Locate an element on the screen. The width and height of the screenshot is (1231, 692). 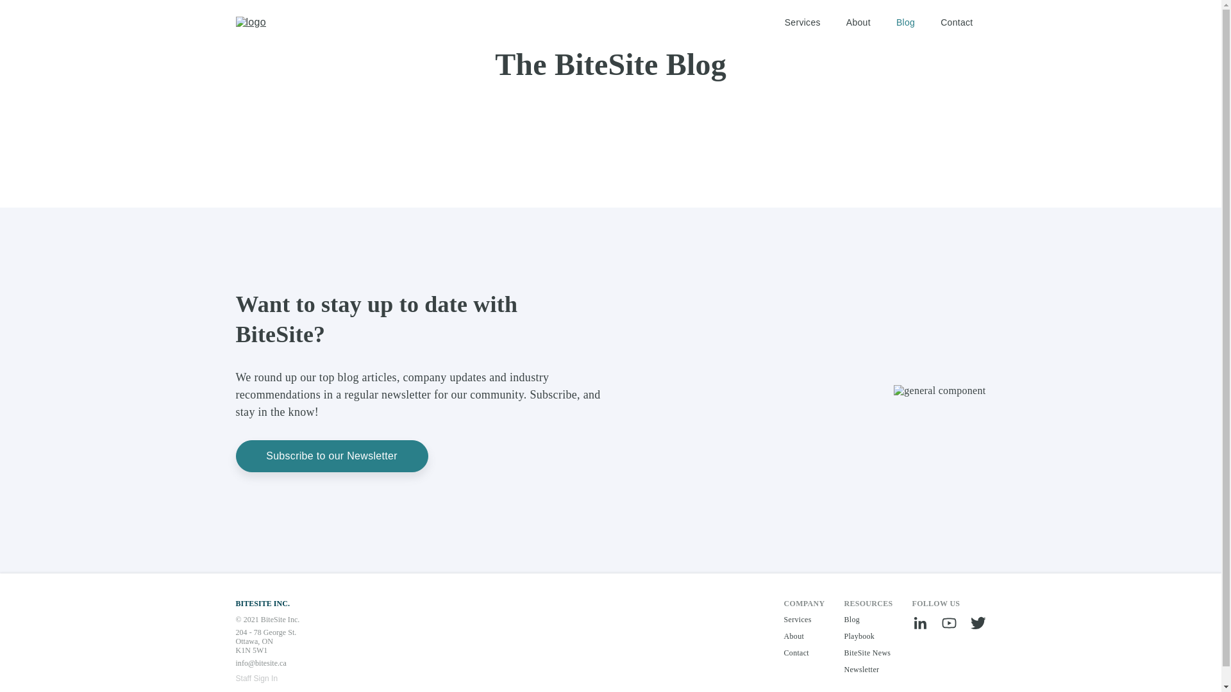
'Services' is located at coordinates (802, 22).